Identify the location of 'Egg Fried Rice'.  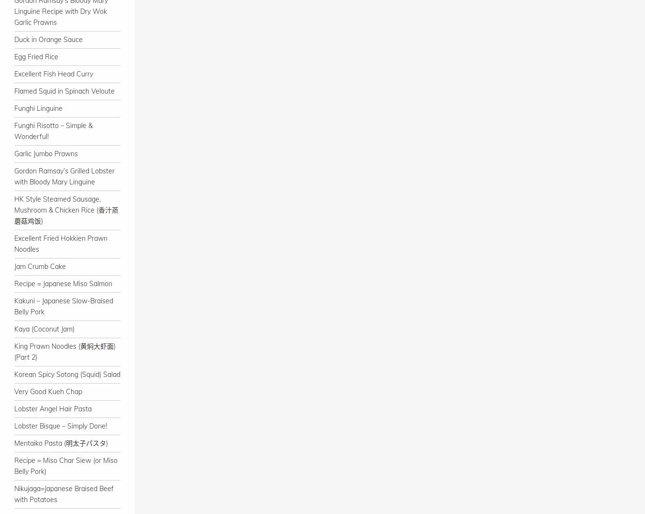
(36, 56).